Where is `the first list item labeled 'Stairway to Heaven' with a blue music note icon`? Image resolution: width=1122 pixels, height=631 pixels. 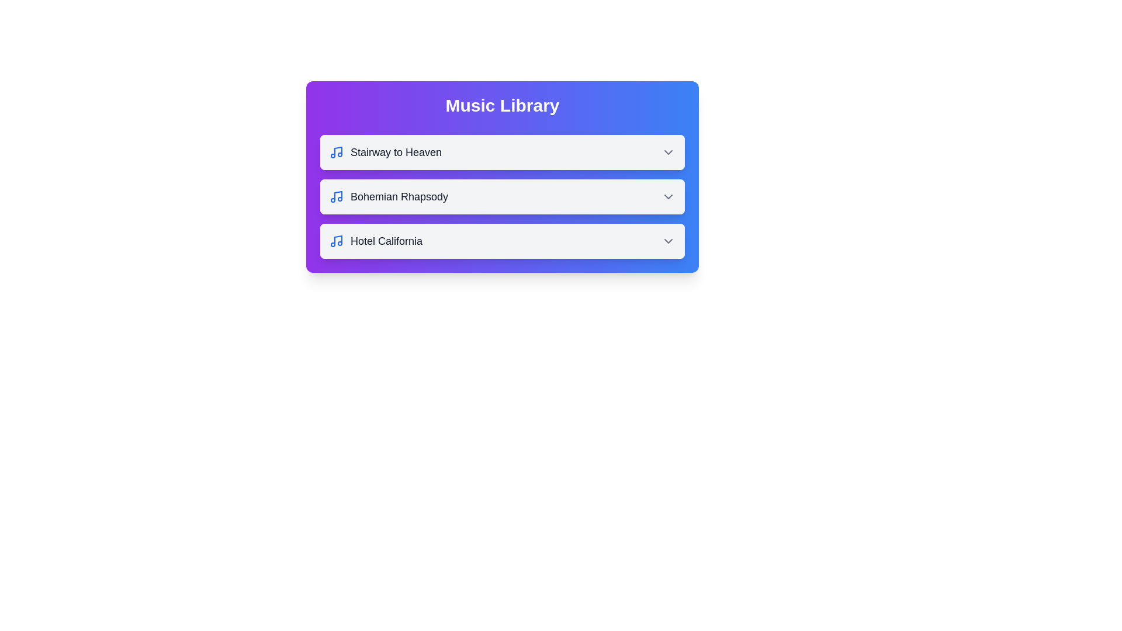
the first list item labeled 'Stairway to Heaven' with a blue music note icon is located at coordinates (386, 152).